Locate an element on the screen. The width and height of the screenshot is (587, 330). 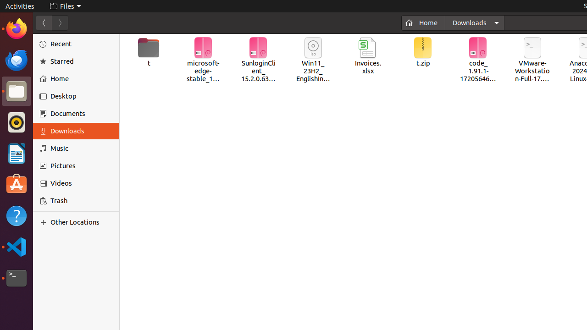
'Music' is located at coordinates (82, 148).